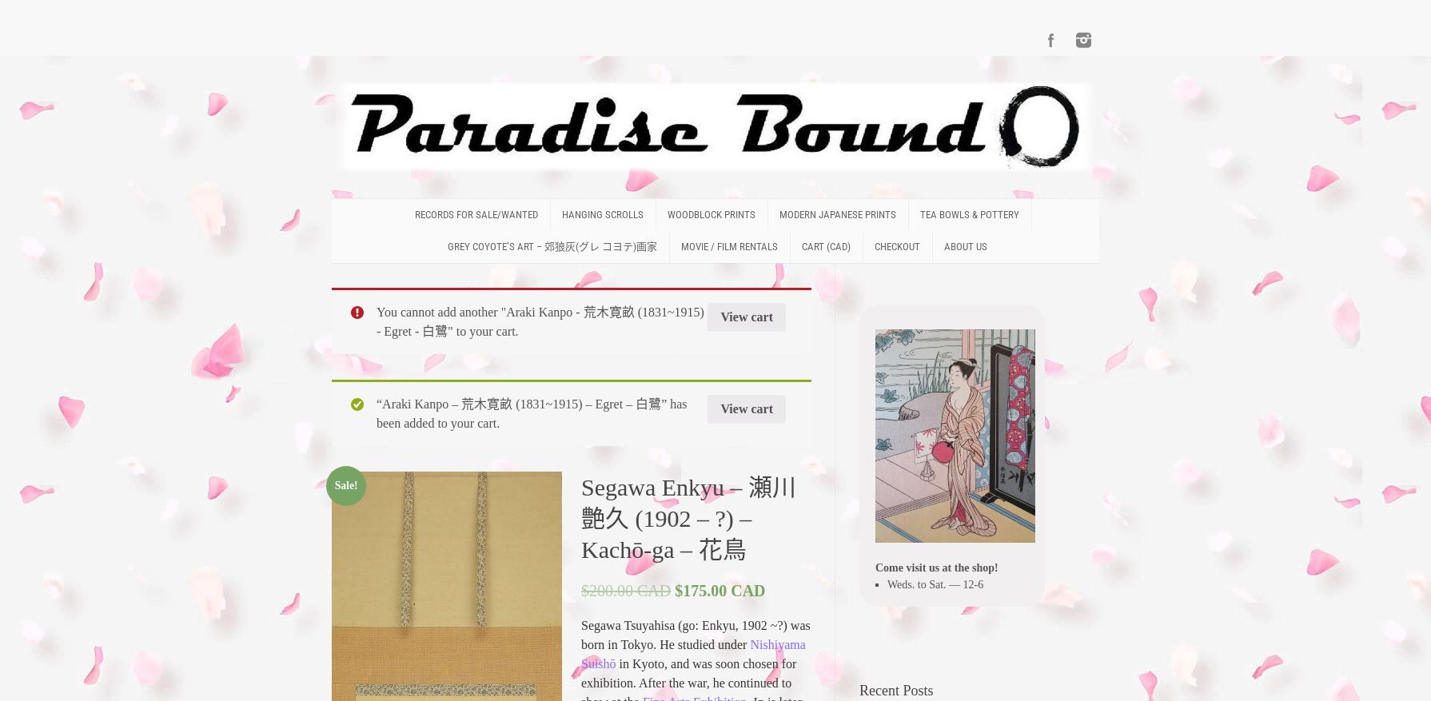  I want to click on 'Tea Bowls & Pottery', so click(969, 214).